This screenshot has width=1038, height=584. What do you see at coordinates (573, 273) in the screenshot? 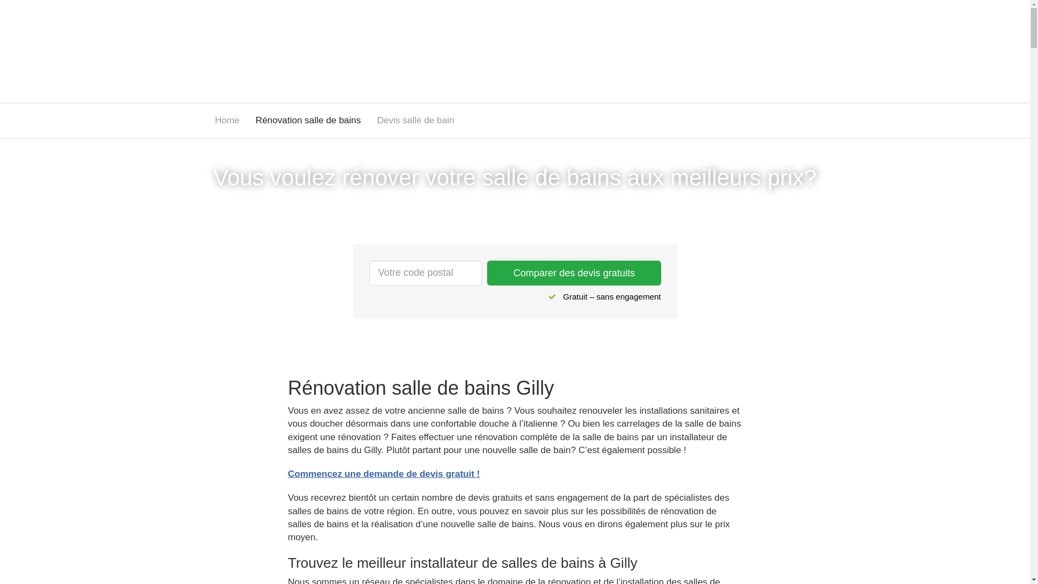
I see `'Comparer des devis gratuits'` at bounding box center [573, 273].